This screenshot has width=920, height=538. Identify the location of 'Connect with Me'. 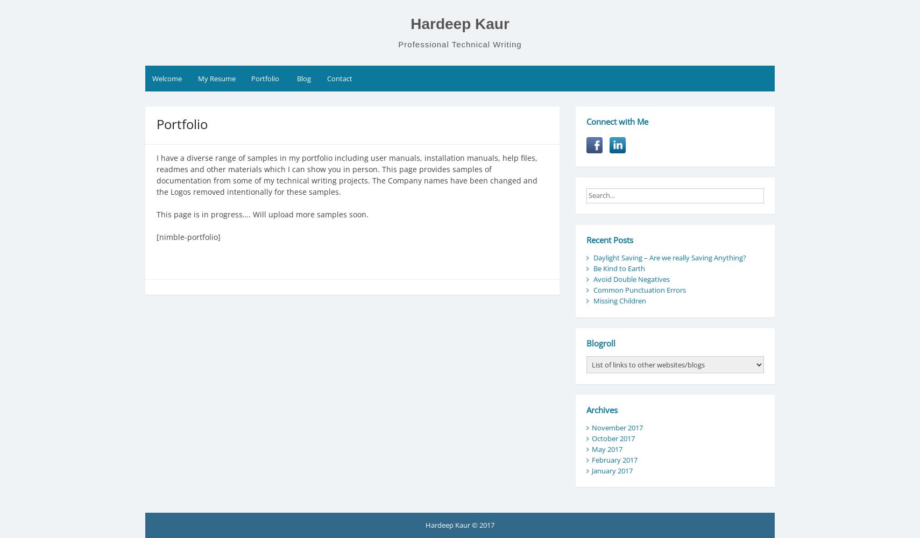
(616, 121).